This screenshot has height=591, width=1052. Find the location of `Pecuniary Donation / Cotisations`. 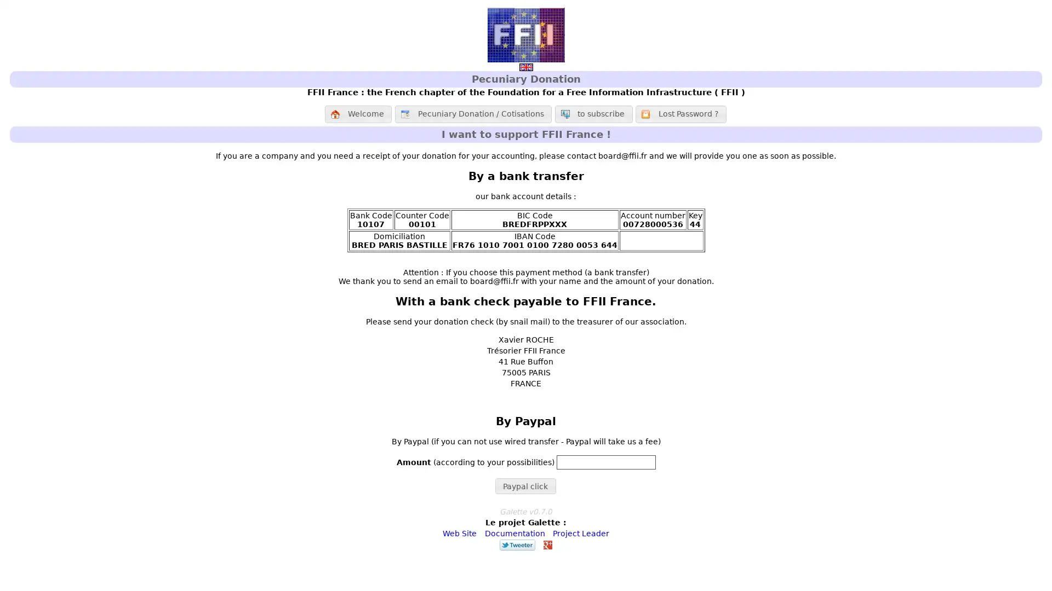

Pecuniary Donation / Cotisations is located at coordinates (473, 114).